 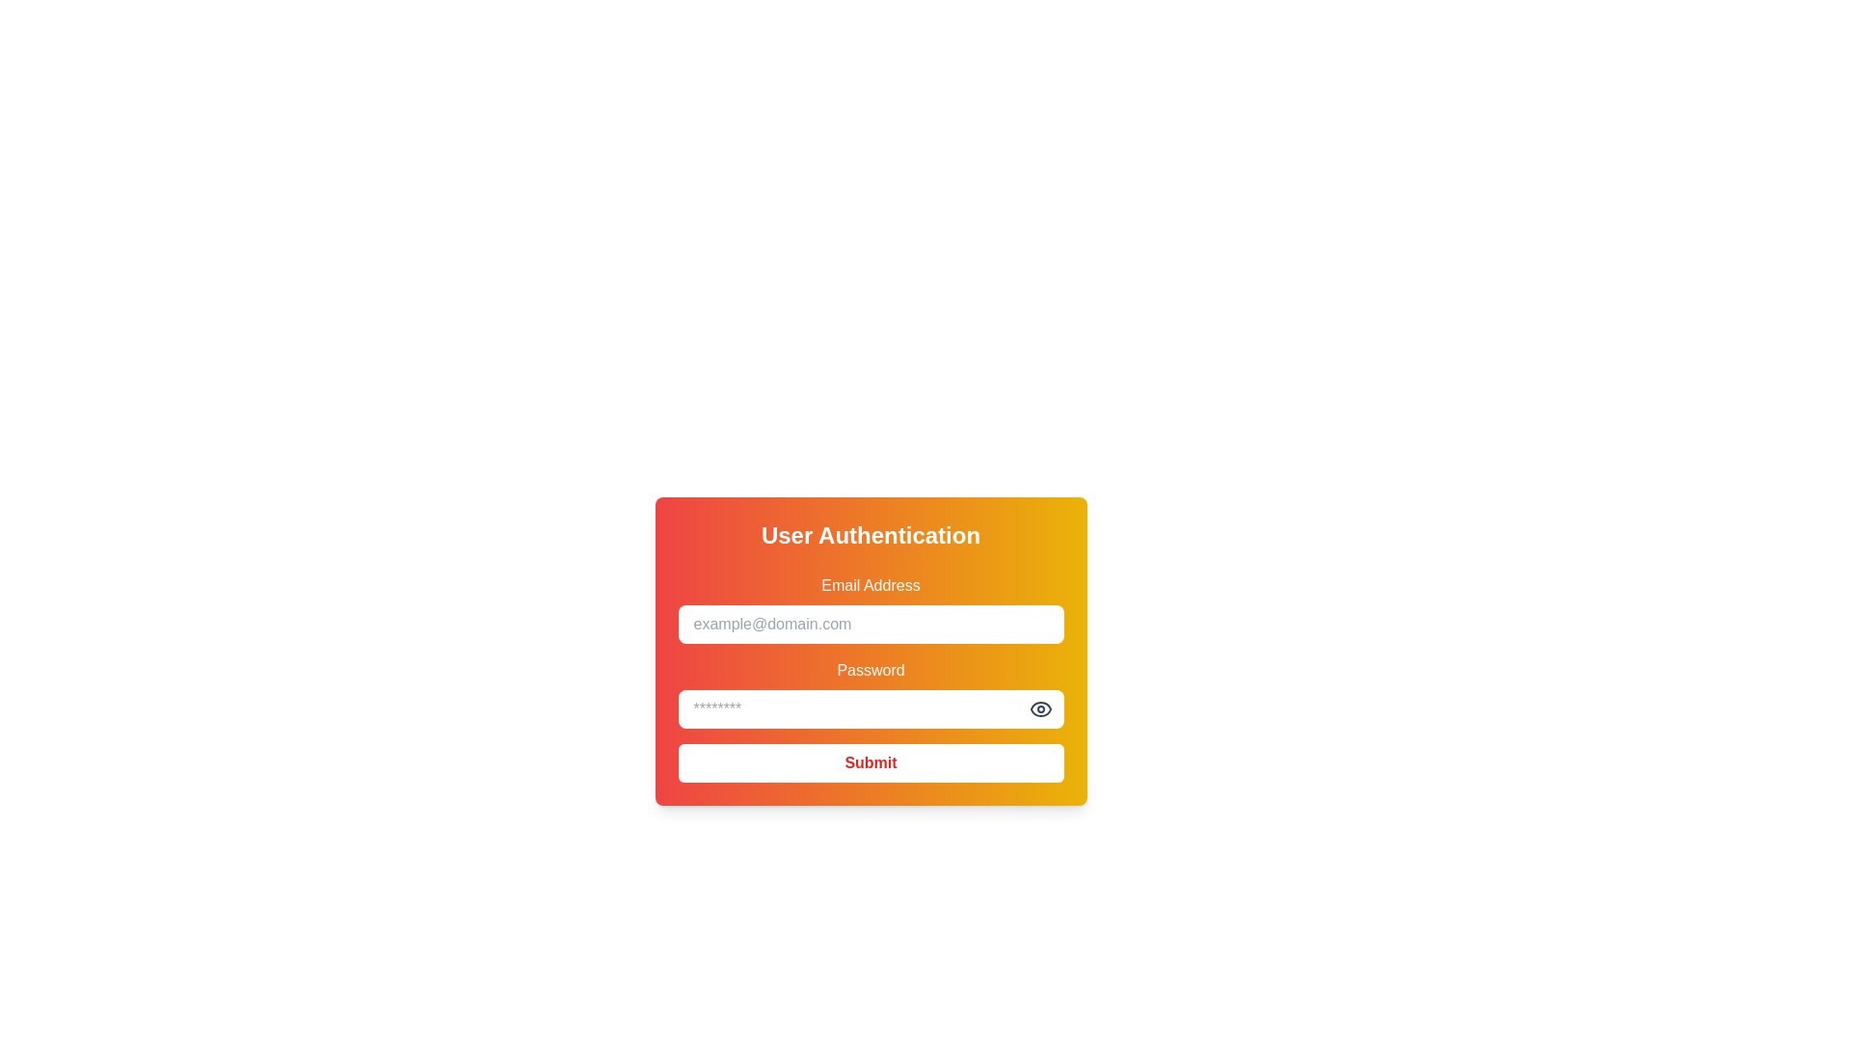 What do you see at coordinates (1039, 709) in the screenshot?
I see `the anatomical eye icon located to the right of the password input field` at bounding box center [1039, 709].